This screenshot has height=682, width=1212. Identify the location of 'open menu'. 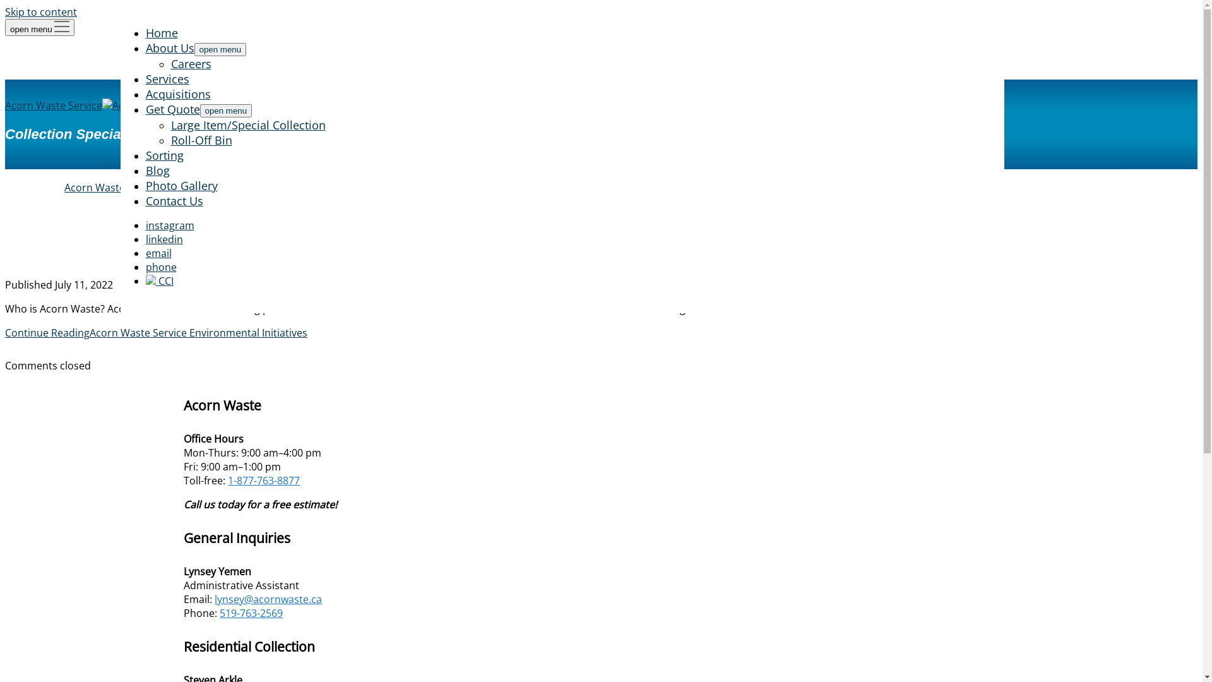
(220, 49).